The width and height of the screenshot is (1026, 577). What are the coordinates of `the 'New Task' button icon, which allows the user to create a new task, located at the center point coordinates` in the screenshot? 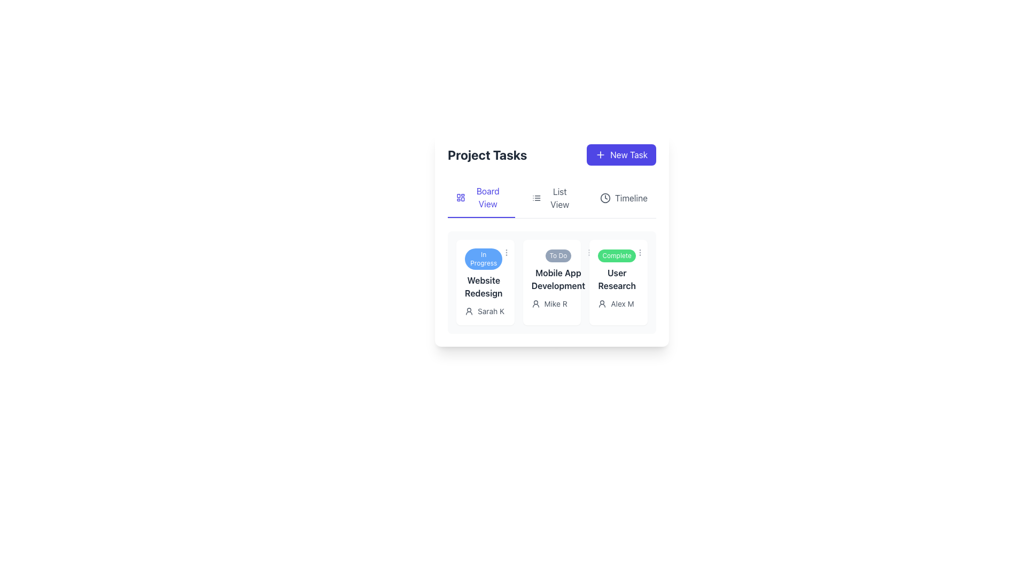 It's located at (601, 154).